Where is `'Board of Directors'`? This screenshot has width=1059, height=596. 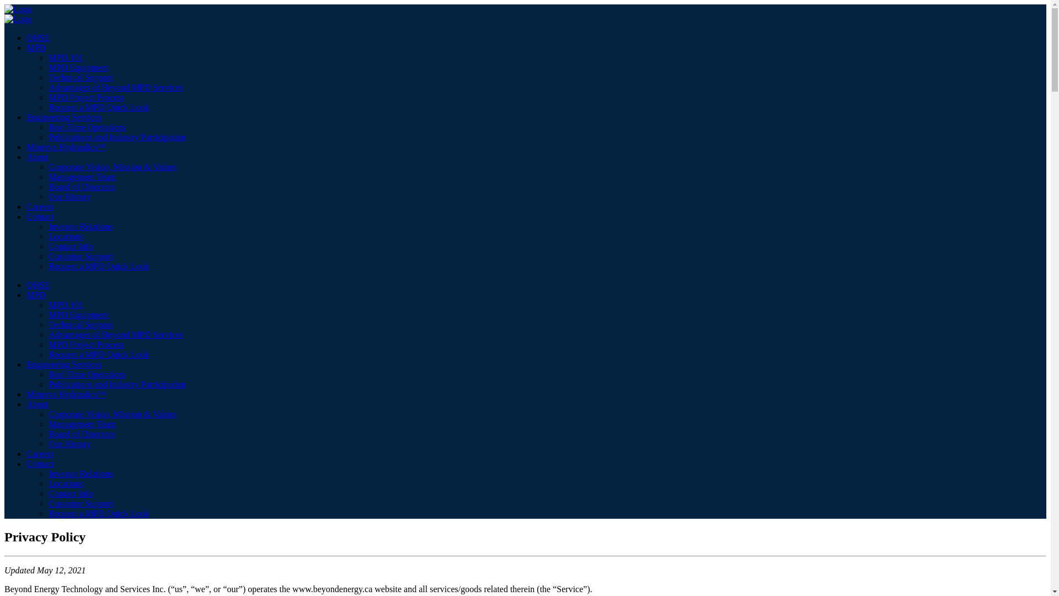 'Board of Directors' is located at coordinates (81, 433).